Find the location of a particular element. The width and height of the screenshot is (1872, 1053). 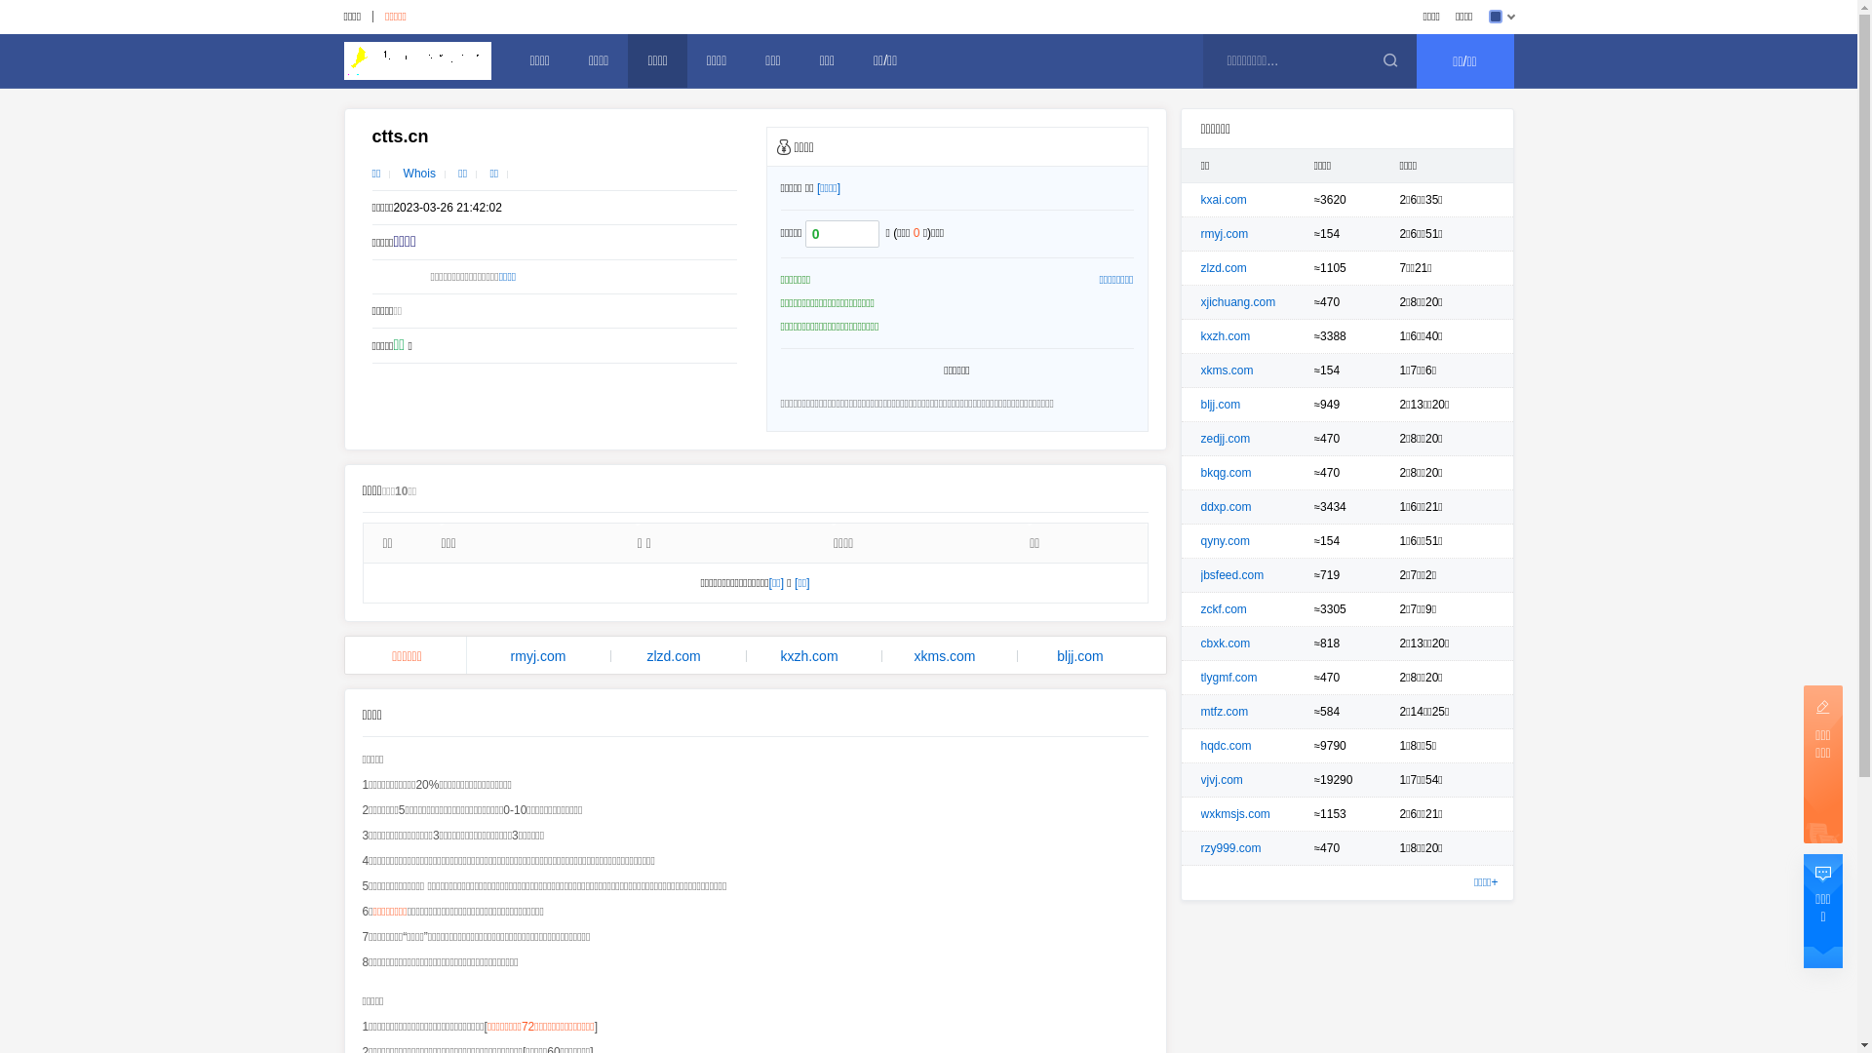

'mtfz.com' is located at coordinates (1224, 711).